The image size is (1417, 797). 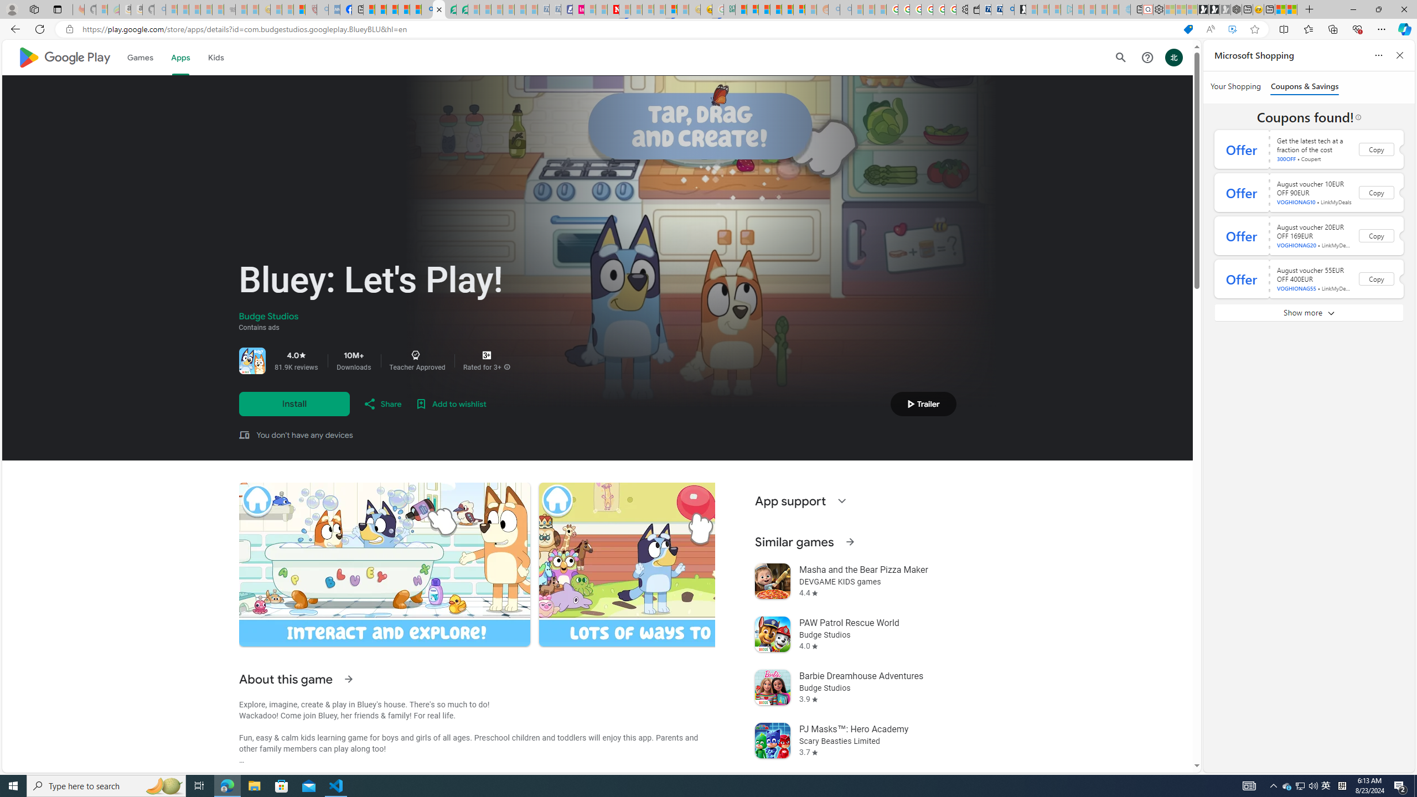 What do you see at coordinates (1146, 57) in the screenshot?
I see `'Help Center'` at bounding box center [1146, 57].